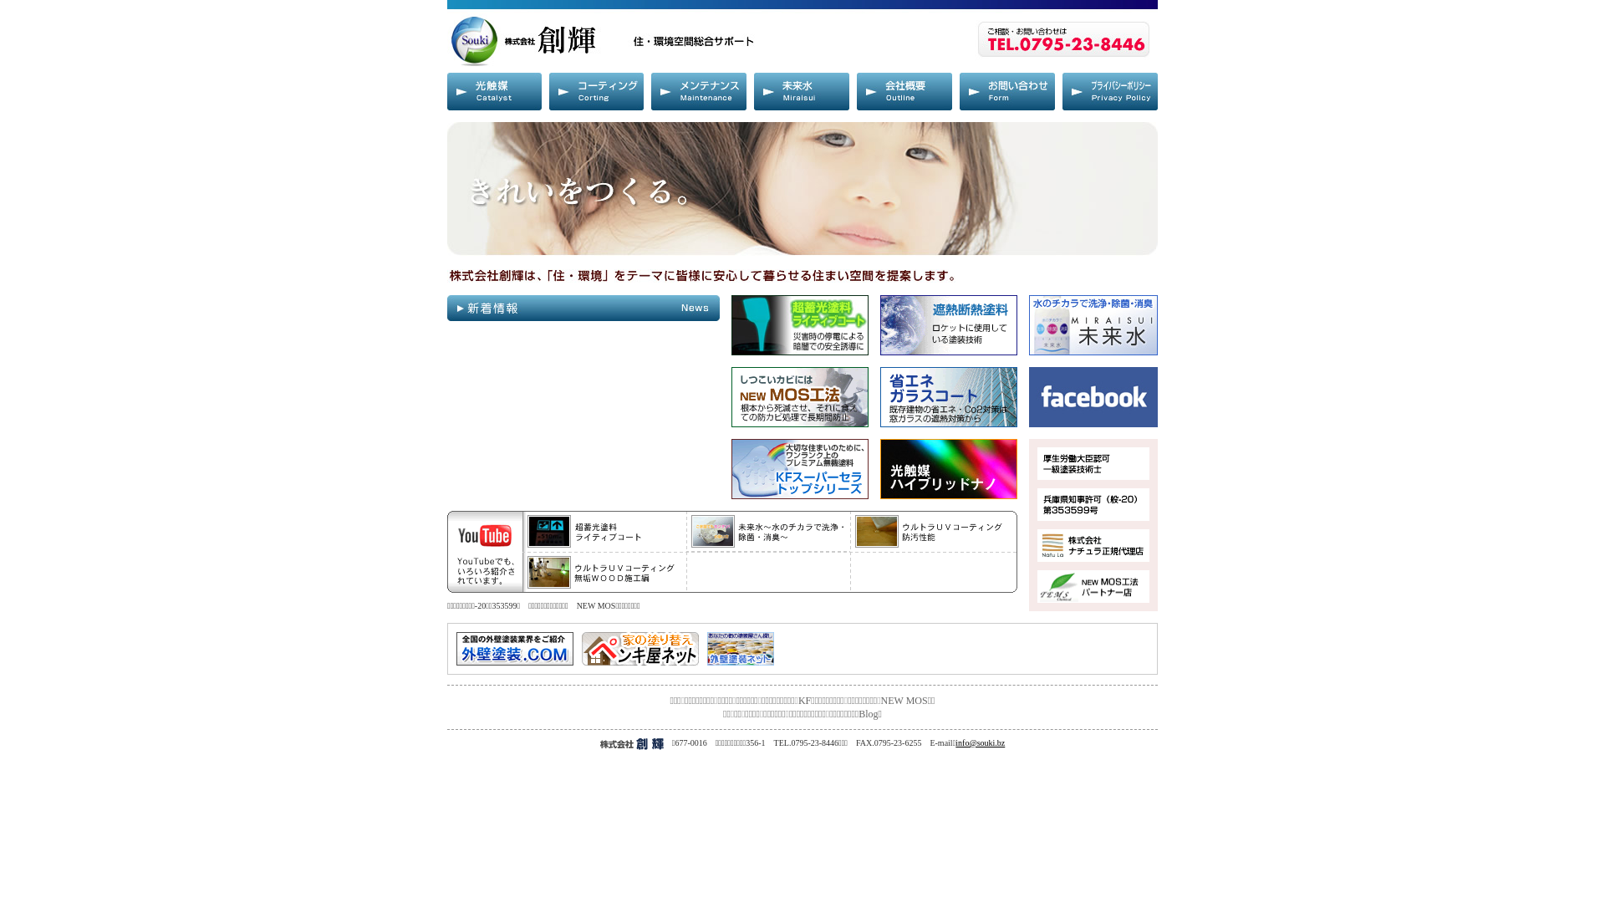  Describe the element at coordinates (955, 742) in the screenshot. I see `'info@souki.bz'` at that location.